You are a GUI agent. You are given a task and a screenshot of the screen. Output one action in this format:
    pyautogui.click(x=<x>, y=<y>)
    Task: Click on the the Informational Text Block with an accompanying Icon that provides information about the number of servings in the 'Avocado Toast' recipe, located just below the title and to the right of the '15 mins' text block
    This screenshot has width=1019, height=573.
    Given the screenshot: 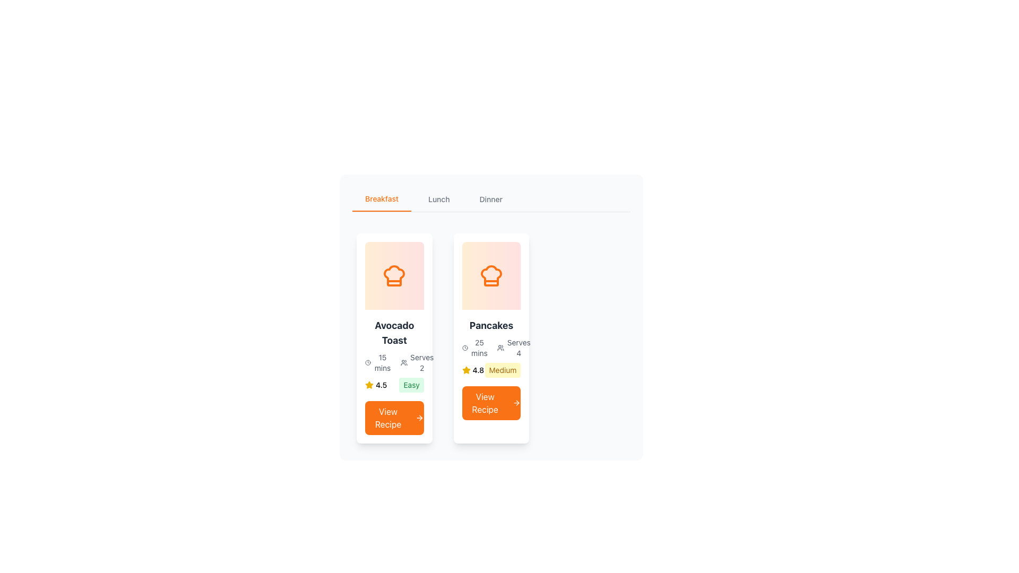 What is the action you would take?
    pyautogui.click(x=417, y=362)
    